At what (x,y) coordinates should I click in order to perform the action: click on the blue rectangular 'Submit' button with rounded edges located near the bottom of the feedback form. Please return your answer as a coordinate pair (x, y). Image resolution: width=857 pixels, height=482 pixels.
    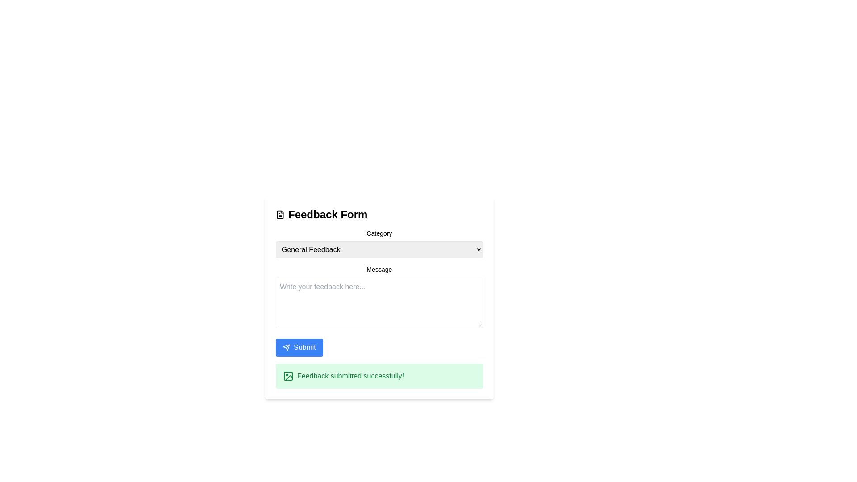
    Looking at the image, I should click on (299, 347).